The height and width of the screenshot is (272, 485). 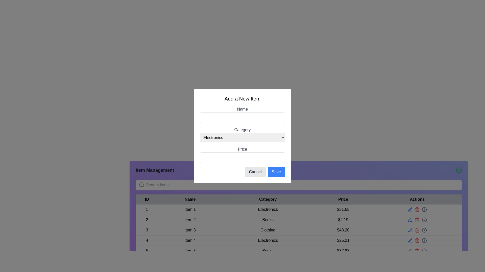 What do you see at coordinates (147, 199) in the screenshot?
I see `the text label that serves as the header for the first column of the table, which indicates unique identifiers for the table rows` at bounding box center [147, 199].